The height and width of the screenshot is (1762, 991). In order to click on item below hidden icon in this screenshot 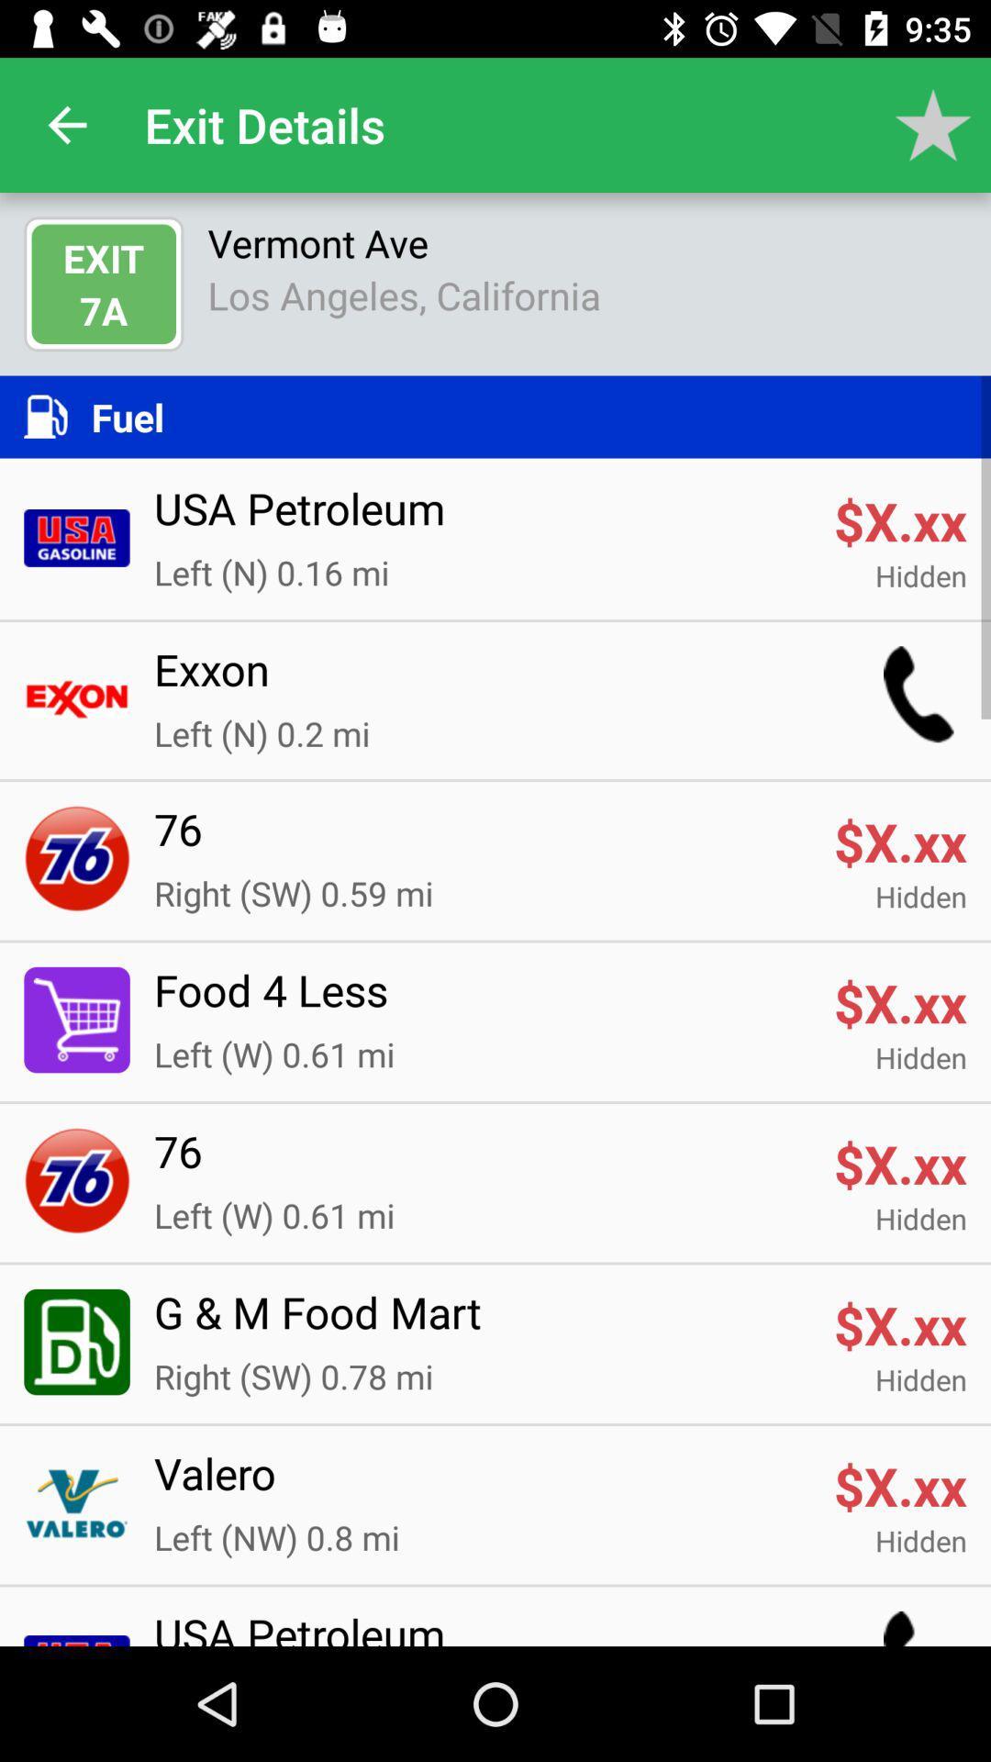, I will do `click(481, 1000)`.